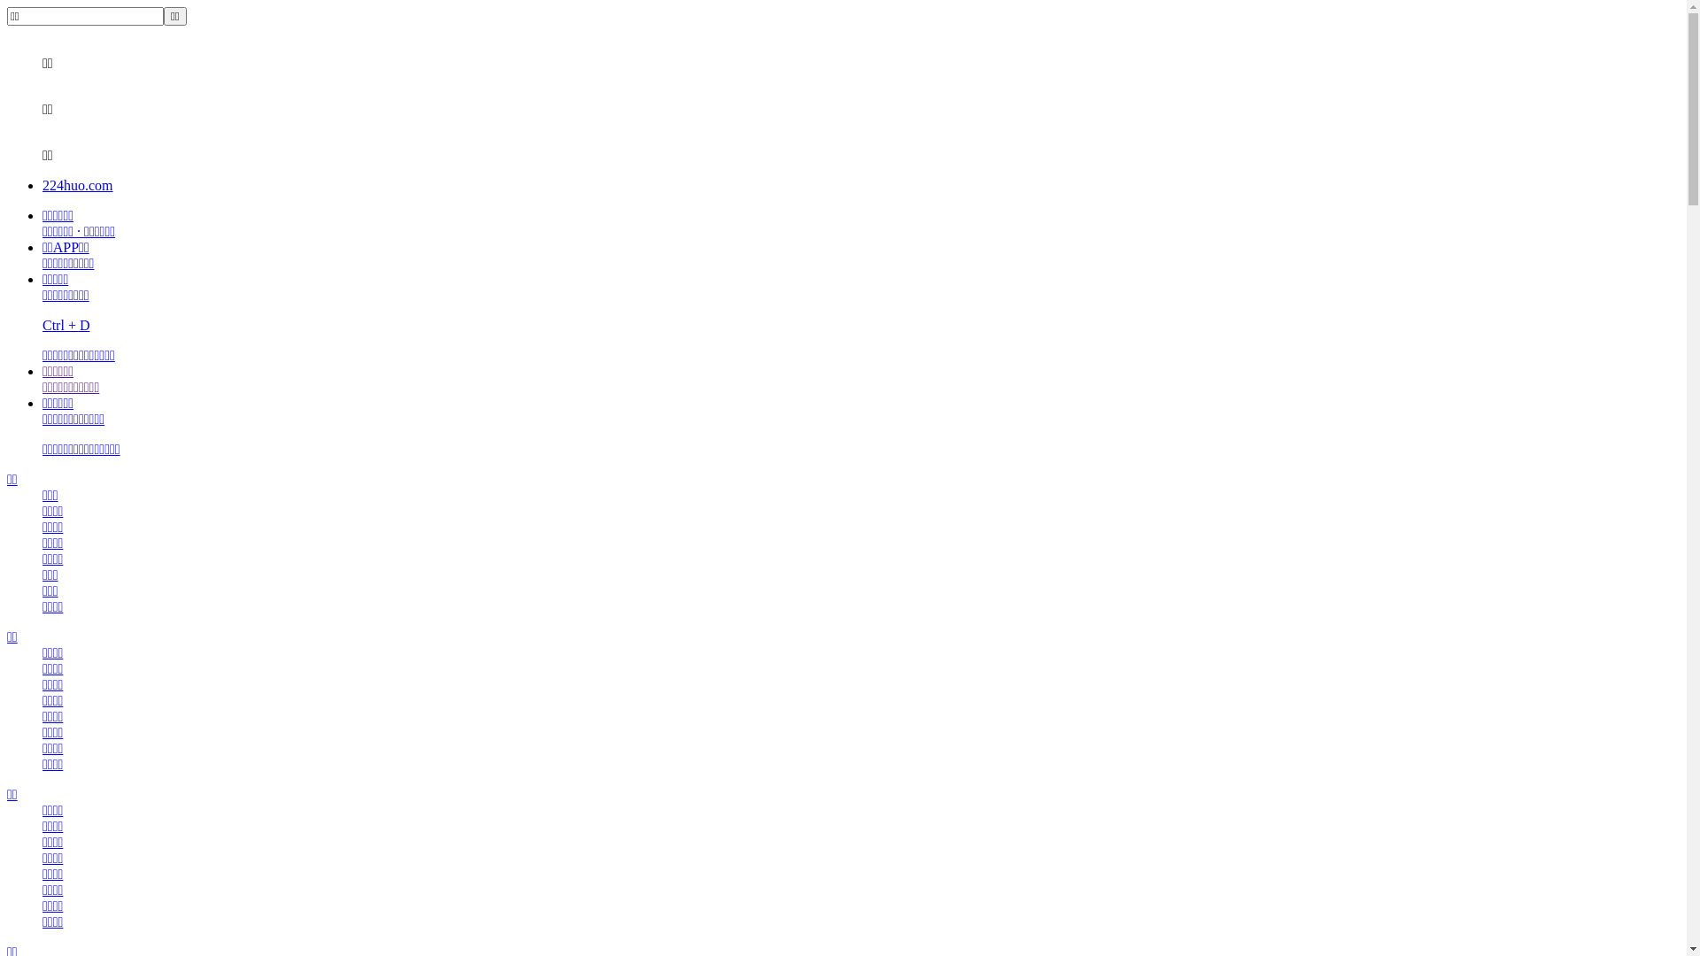 The height and width of the screenshot is (956, 1700). I want to click on '224huo.com', so click(76, 185).